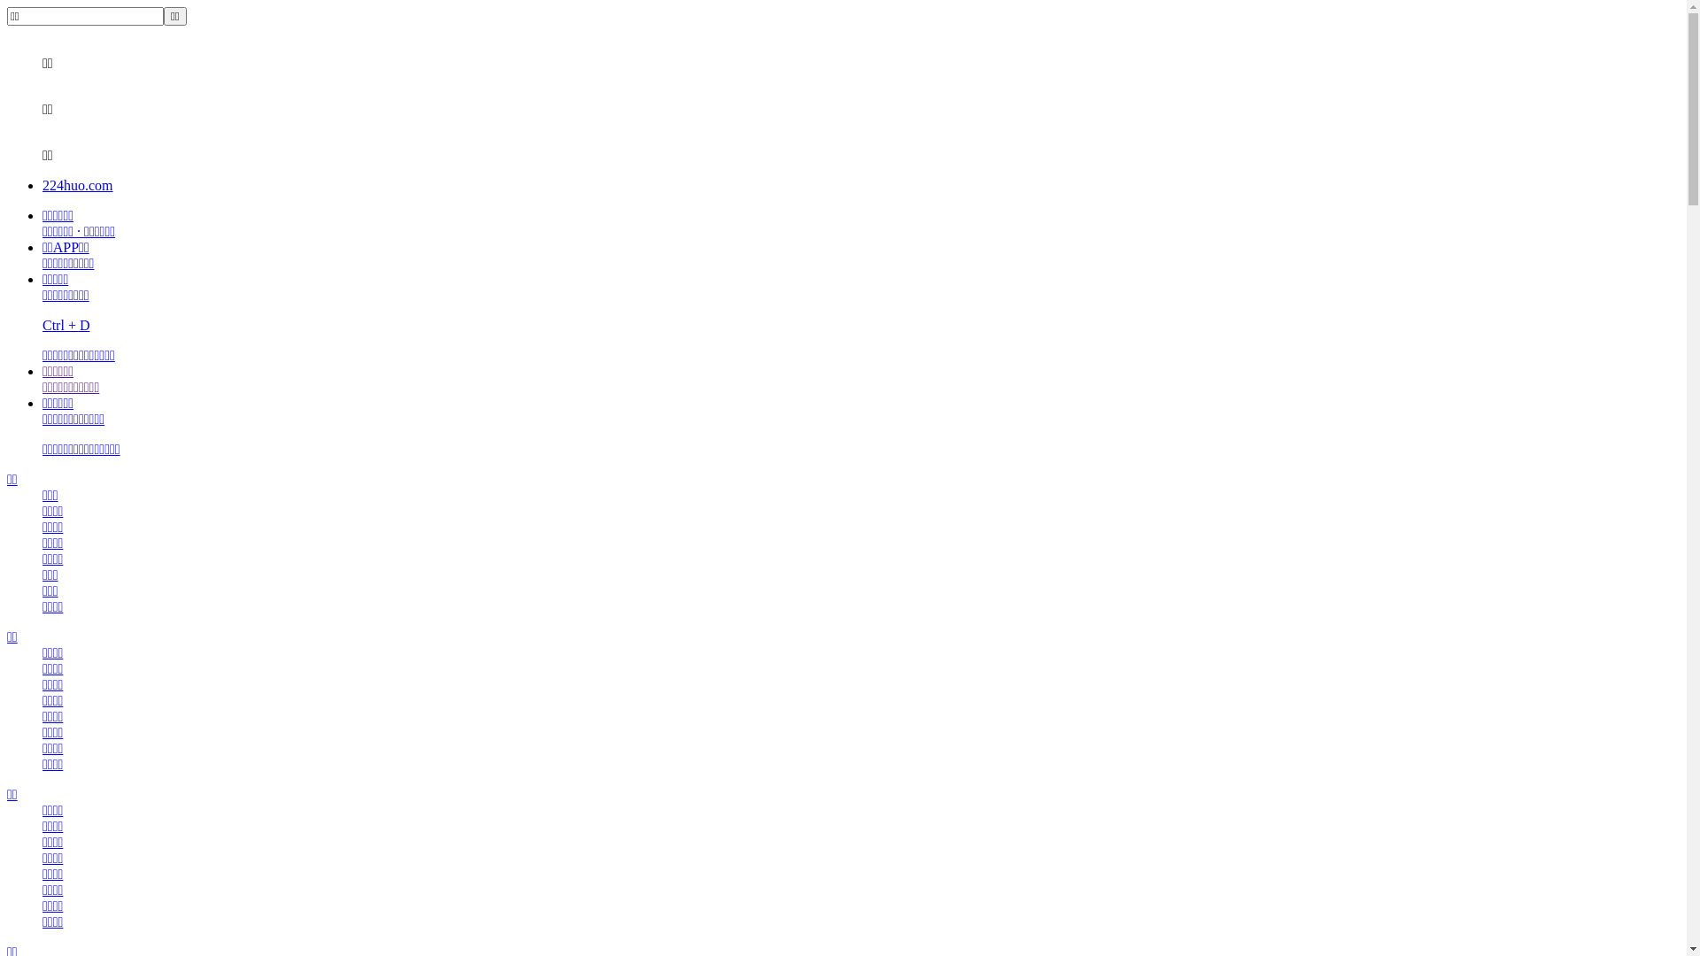 The height and width of the screenshot is (956, 1700). I want to click on '224huo.com', so click(76, 185).